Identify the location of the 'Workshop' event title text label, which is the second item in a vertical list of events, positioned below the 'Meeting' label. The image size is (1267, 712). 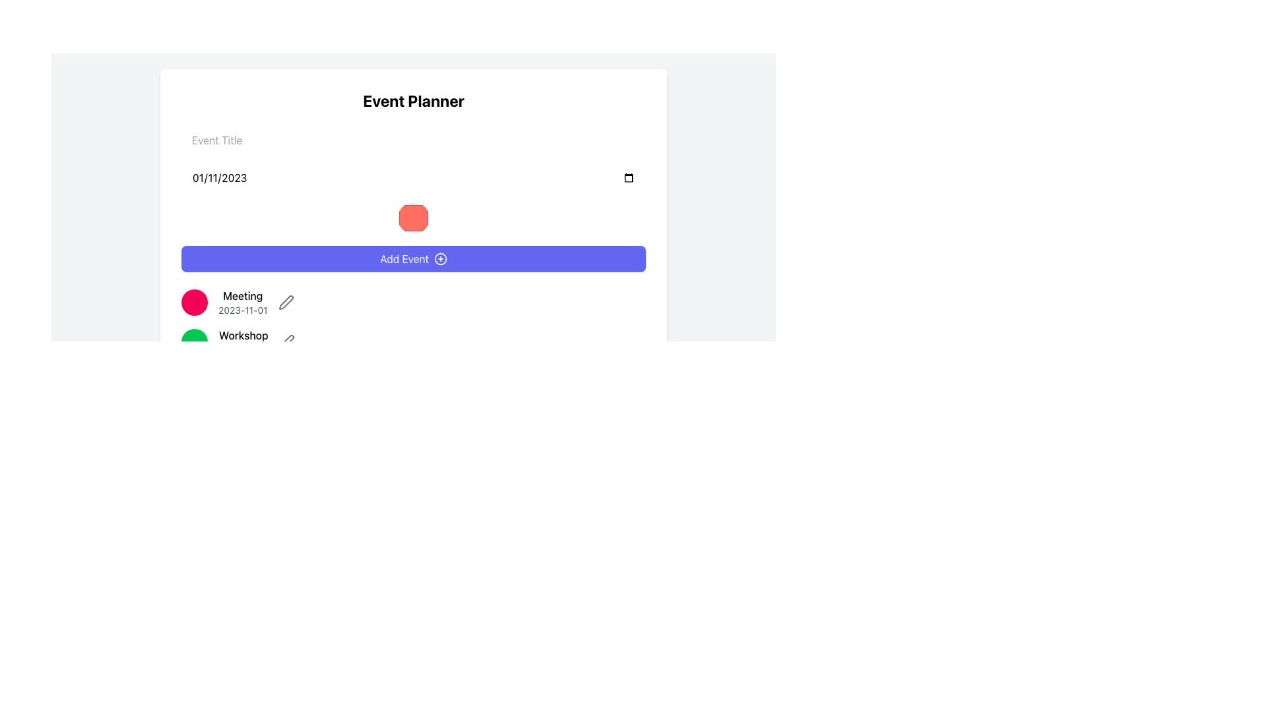
(244, 341).